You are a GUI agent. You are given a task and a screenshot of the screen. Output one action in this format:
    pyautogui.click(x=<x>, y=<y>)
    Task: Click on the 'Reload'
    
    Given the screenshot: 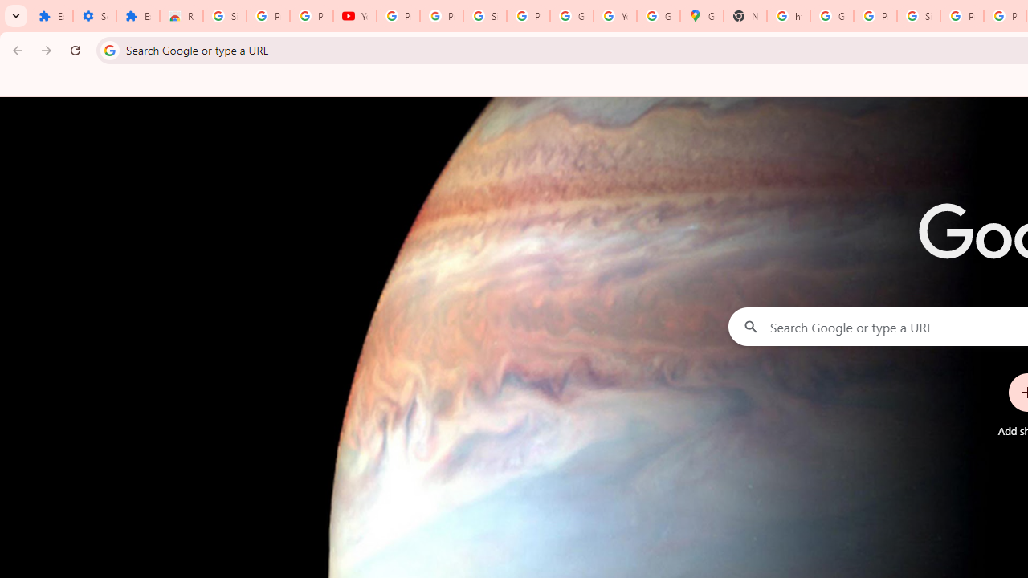 What is the action you would take?
    pyautogui.click(x=75, y=49)
    